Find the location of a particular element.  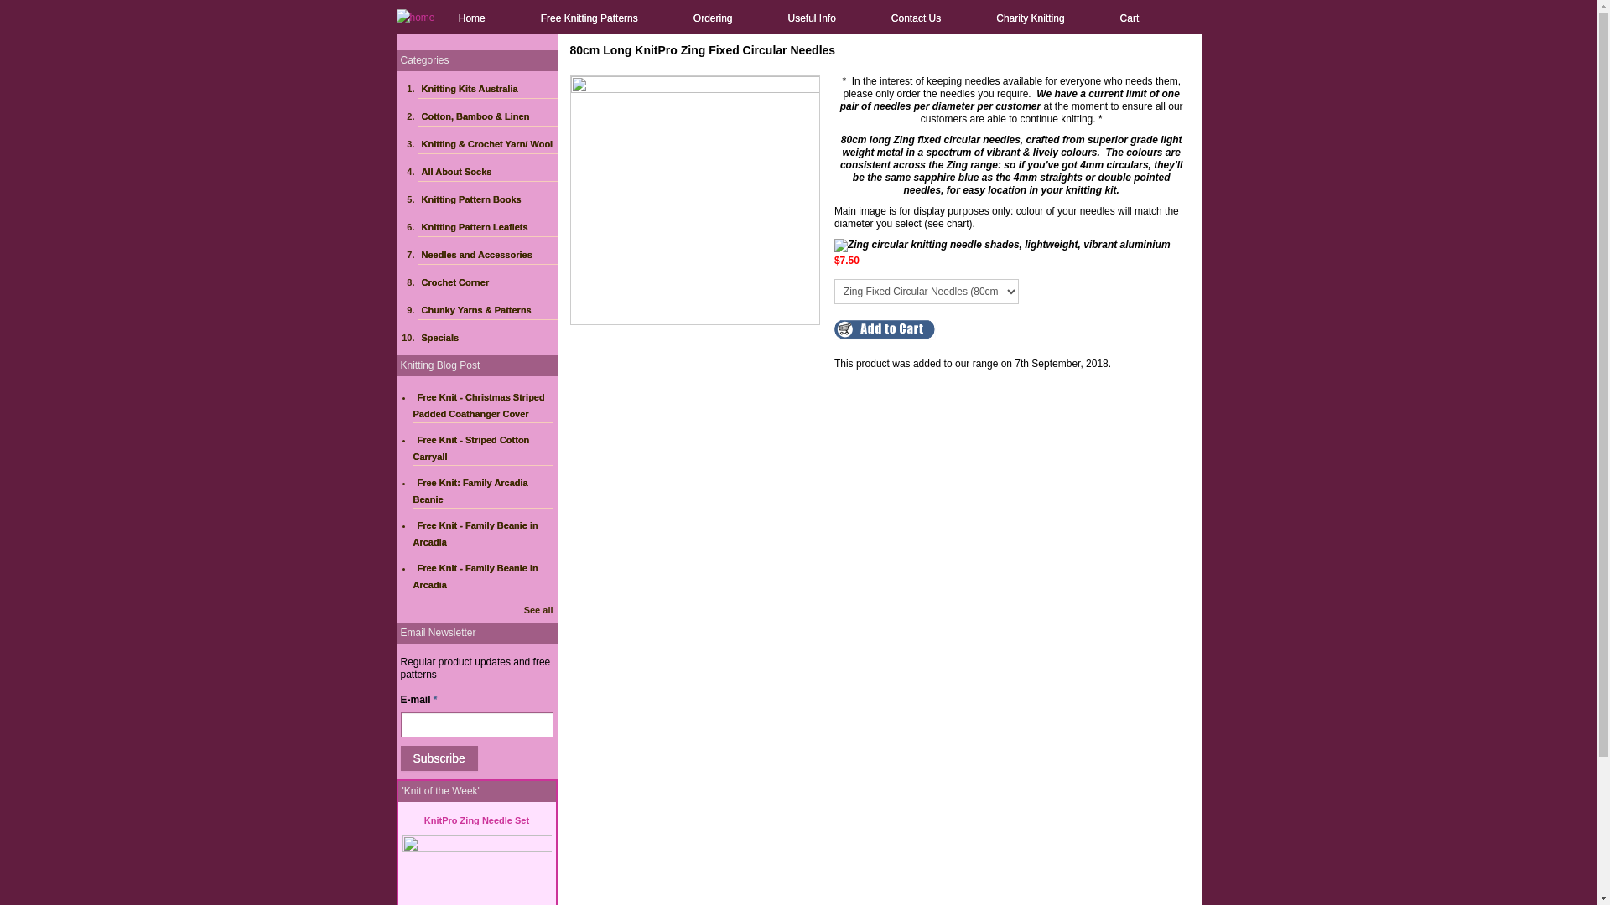

'Knitting Kits Australia' is located at coordinates (486, 88).